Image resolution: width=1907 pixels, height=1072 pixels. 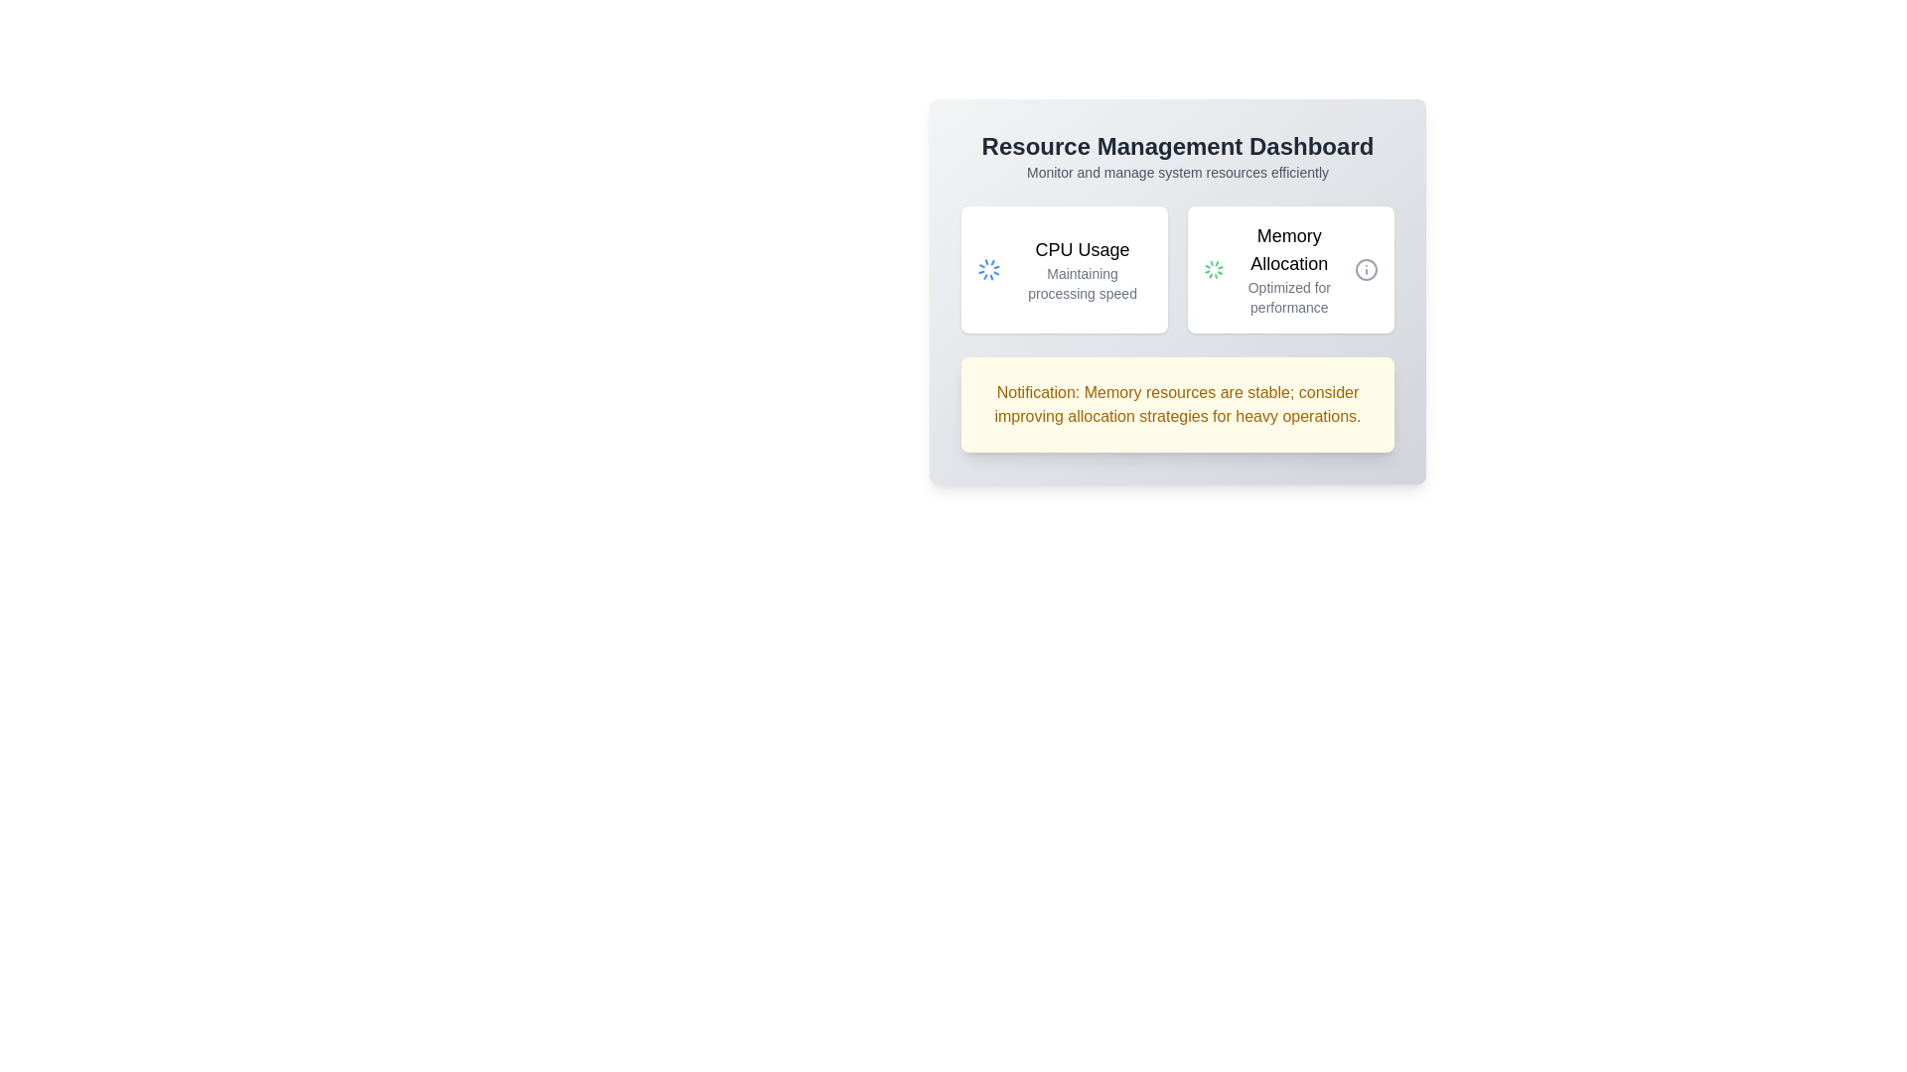 I want to click on the informational notification text label about memory resources in the Resource Management Dashboard, so click(x=1177, y=404).